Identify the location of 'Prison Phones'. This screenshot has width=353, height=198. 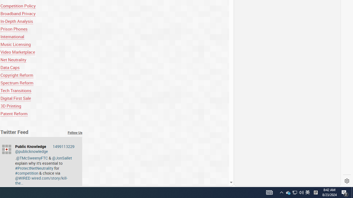
(14, 29).